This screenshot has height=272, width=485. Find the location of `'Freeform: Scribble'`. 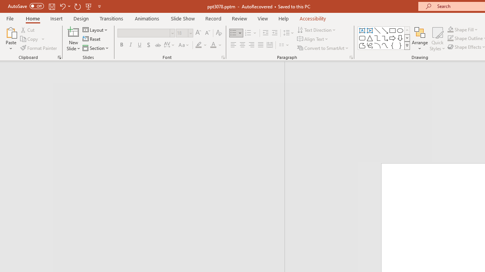

'Freeform: Scribble' is located at coordinates (370, 45).